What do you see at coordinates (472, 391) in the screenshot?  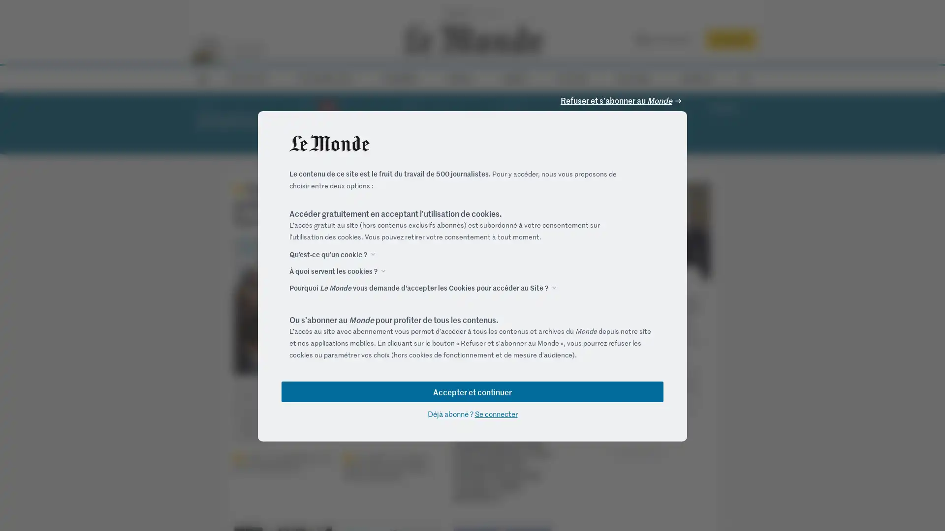 I see `Accepter et continuer` at bounding box center [472, 391].